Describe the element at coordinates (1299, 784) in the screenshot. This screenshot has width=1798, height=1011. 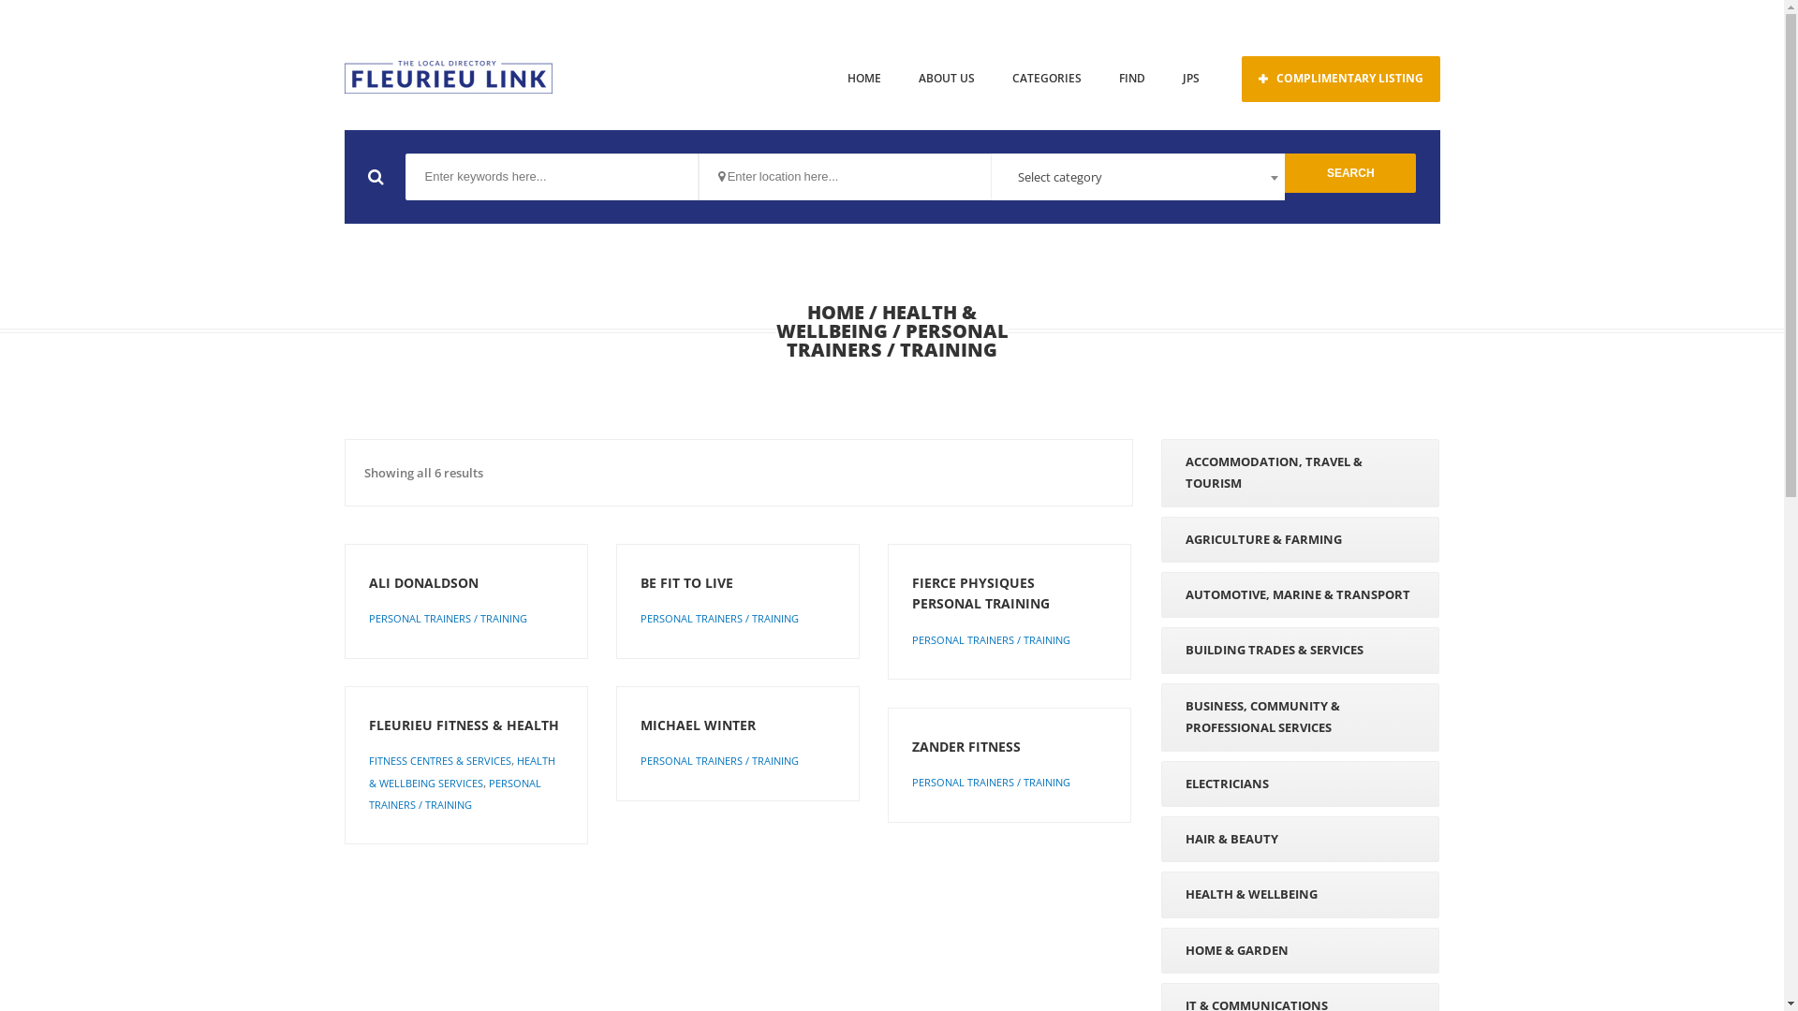
I see `'ELECTRICIANS'` at that location.